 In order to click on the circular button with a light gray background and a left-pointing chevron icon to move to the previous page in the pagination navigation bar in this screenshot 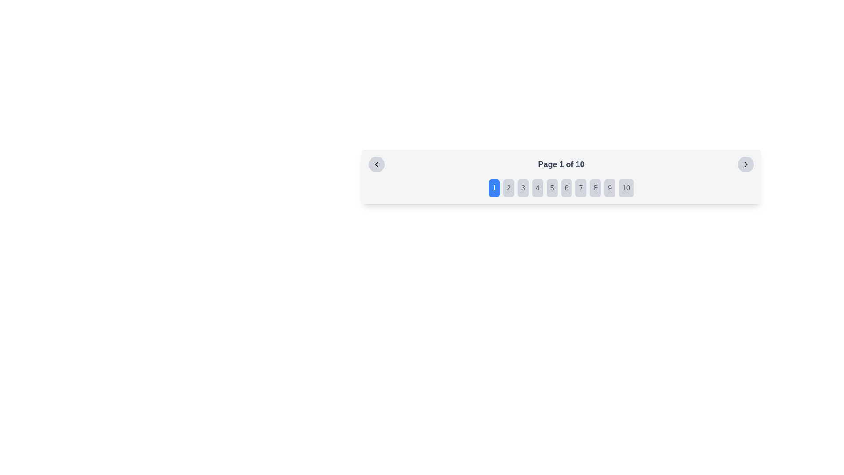, I will do `click(377, 164)`.